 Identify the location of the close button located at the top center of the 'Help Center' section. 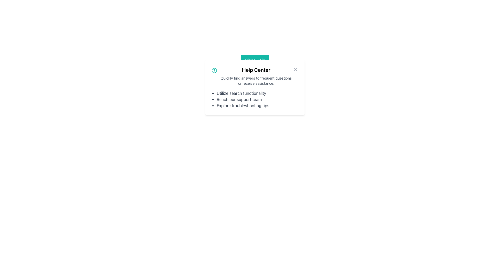
(255, 60).